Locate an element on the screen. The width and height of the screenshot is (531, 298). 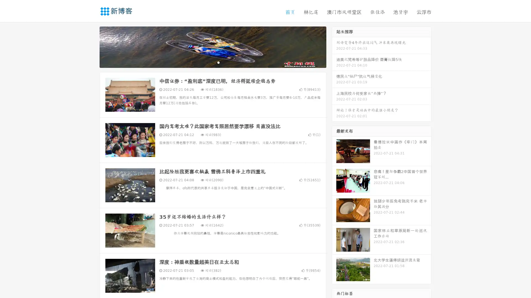
Previous slide is located at coordinates (91, 46).